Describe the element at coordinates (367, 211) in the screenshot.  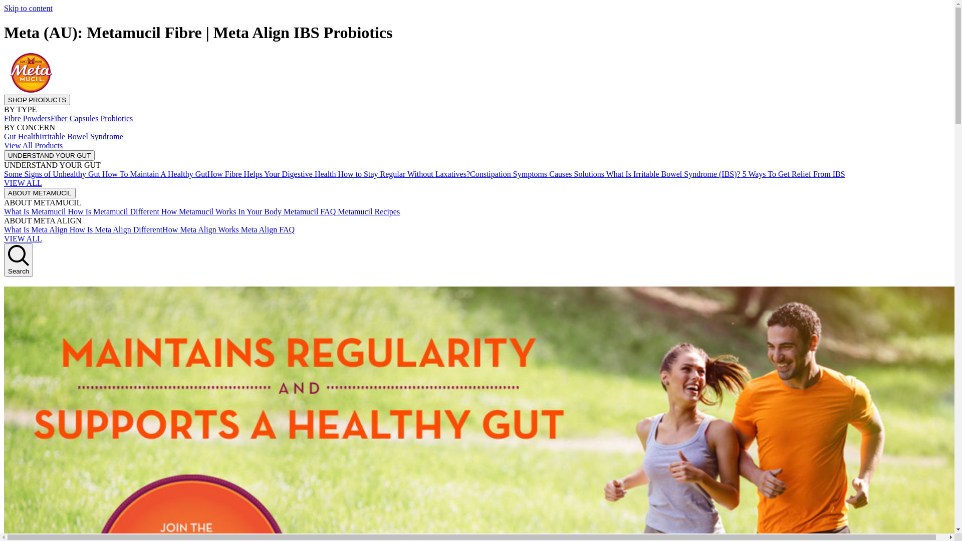
I see `'Metamucil Recipes'` at that location.